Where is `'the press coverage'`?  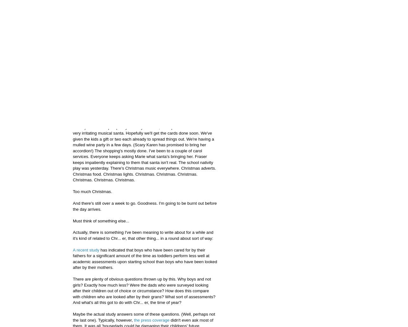
'the press coverage' is located at coordinates (152, 319).